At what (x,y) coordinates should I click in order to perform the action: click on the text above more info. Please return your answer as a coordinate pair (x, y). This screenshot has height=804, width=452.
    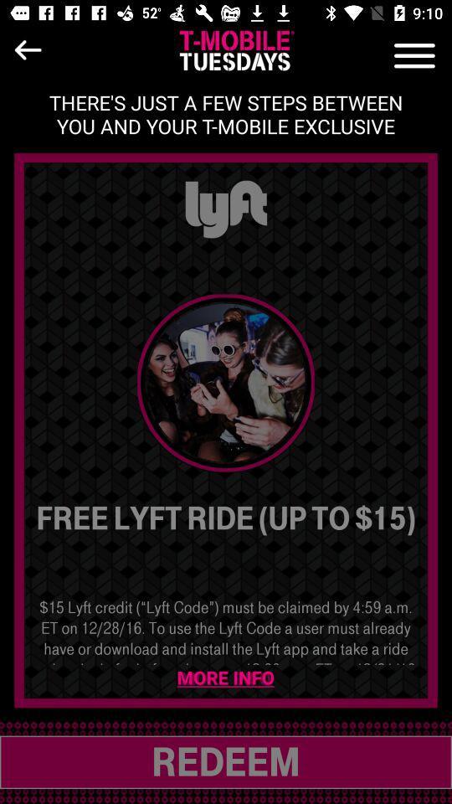
    Looking at the image, I should click on (226, 630).